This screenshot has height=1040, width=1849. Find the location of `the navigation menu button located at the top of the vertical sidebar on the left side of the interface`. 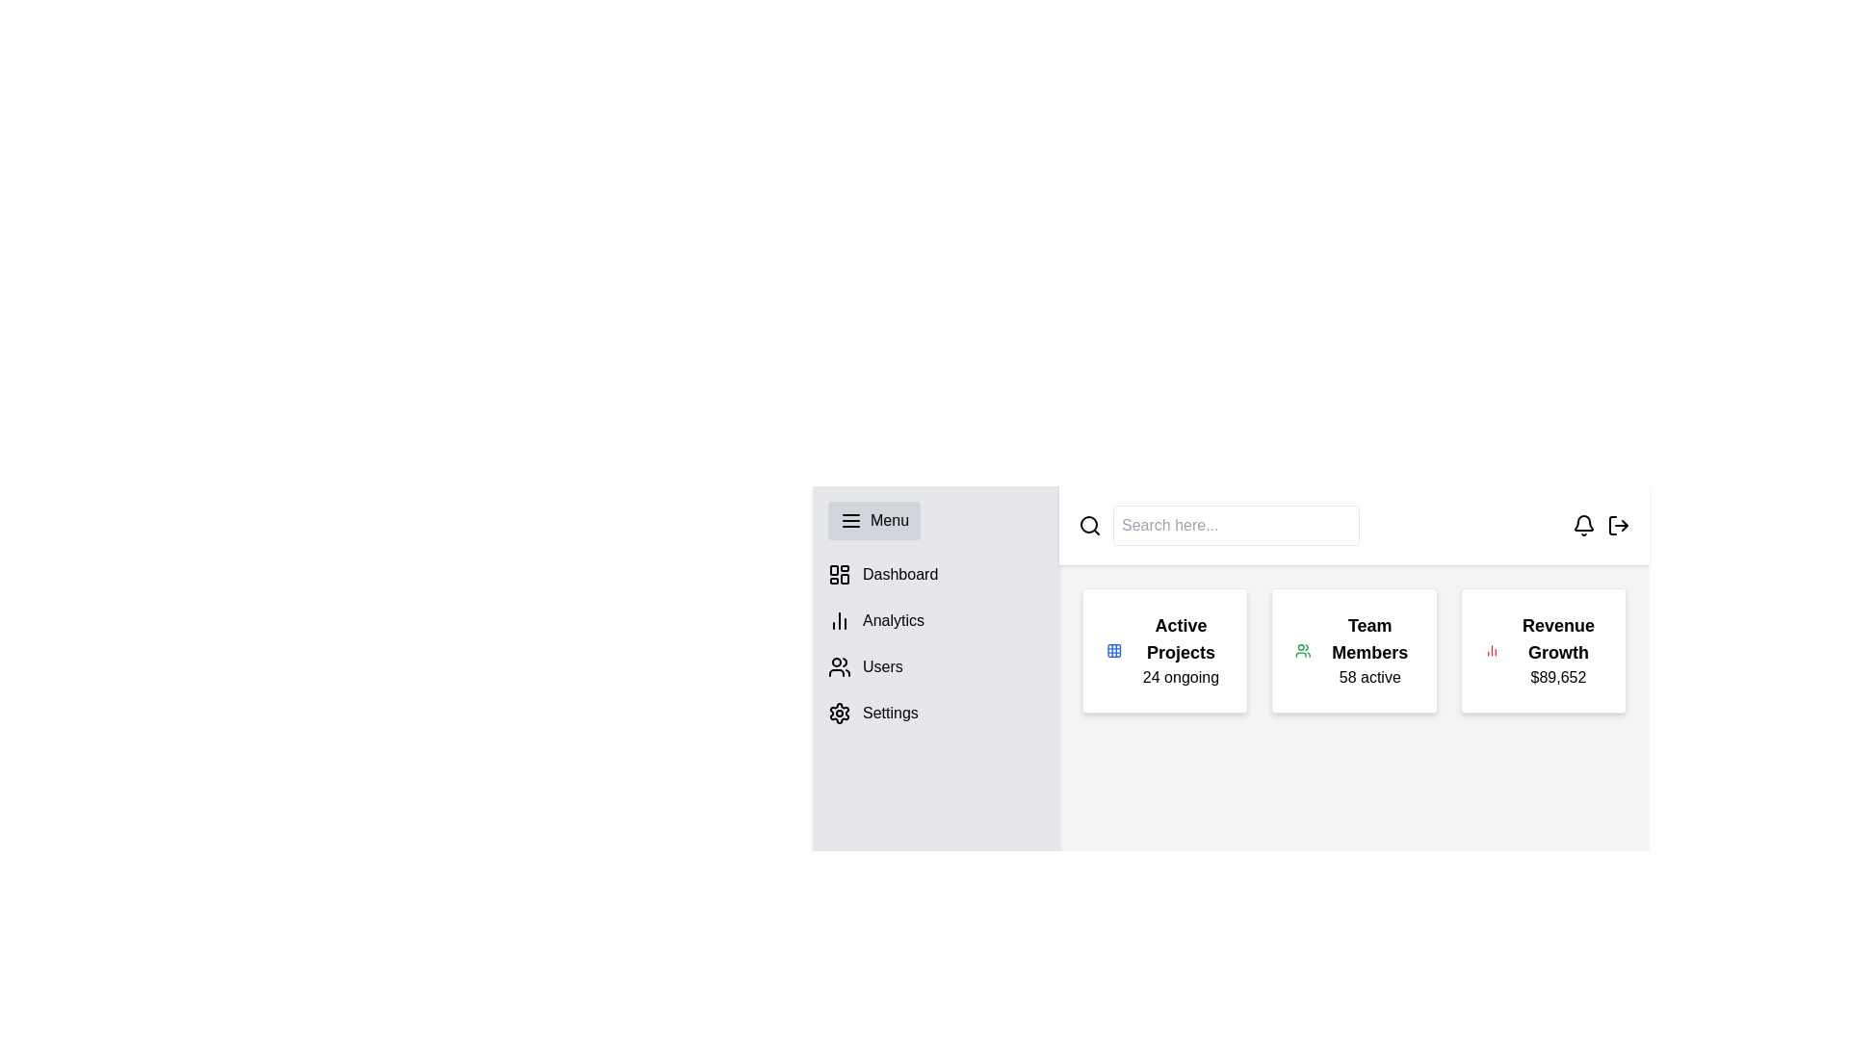

the navigation menu button located at the top of the vertical sidebar on the left side of the interface is located at coordinates (872, 520).